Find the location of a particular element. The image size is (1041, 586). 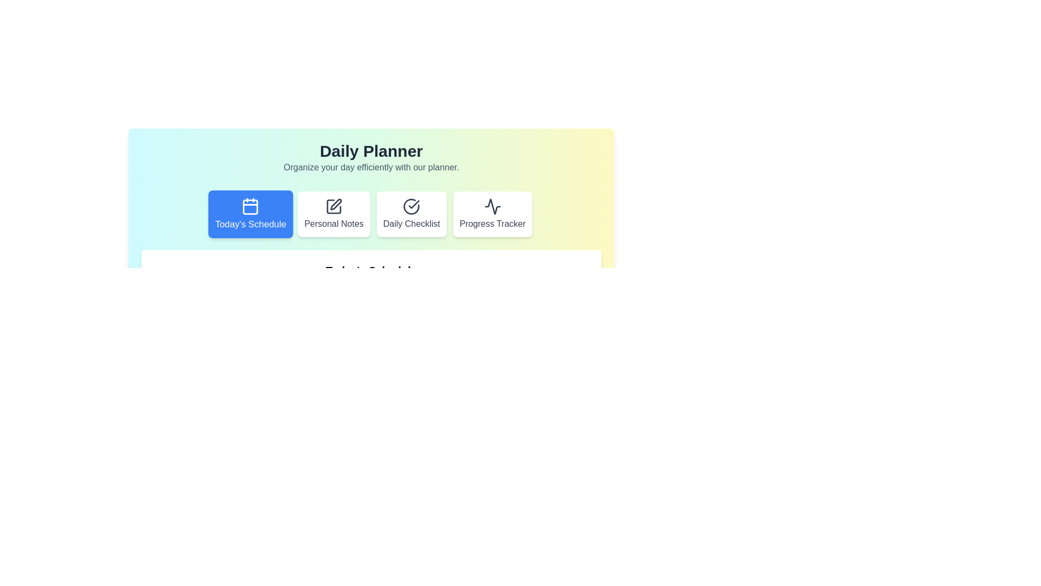

the tab corresponding to Today's Schedule is located at coordinates (250, 214).